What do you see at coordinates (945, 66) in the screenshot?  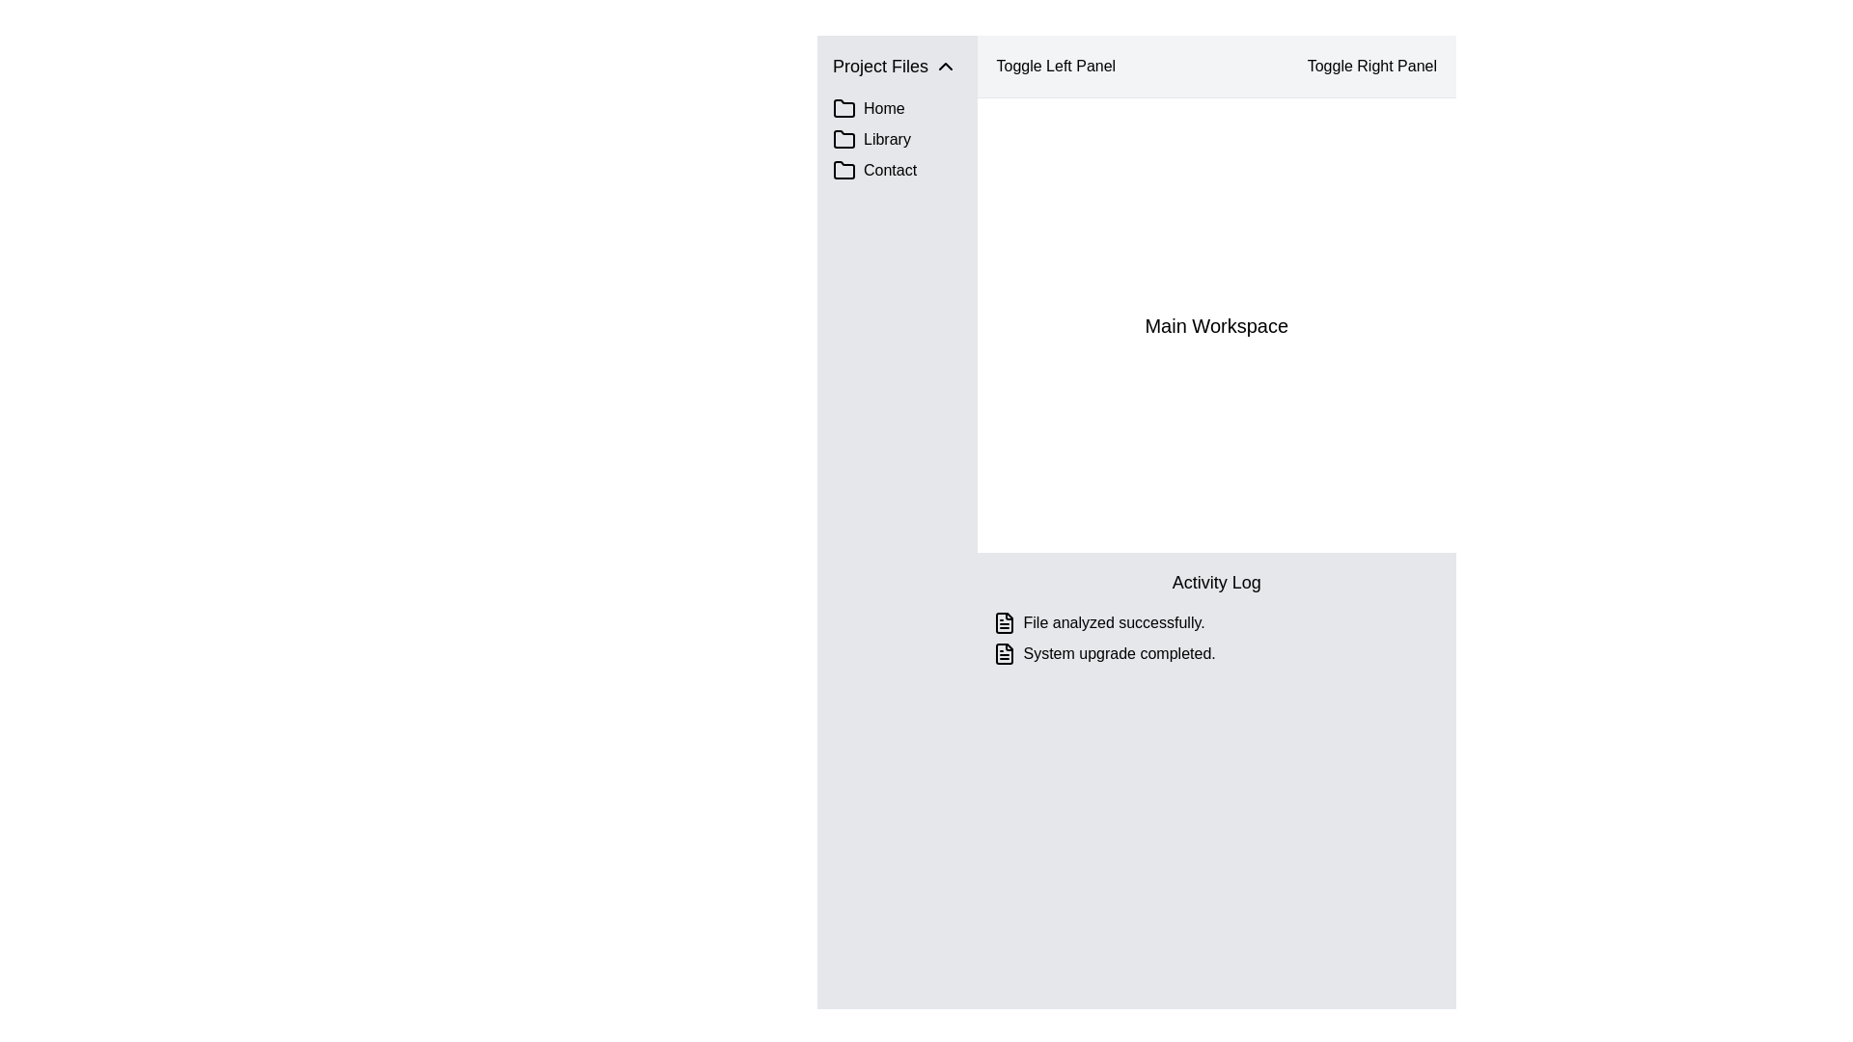 I see `the Chevron icon toggle button located to the right of the 'Project Files' text to potentially see a tooltip` at bounding box center [945, 66].